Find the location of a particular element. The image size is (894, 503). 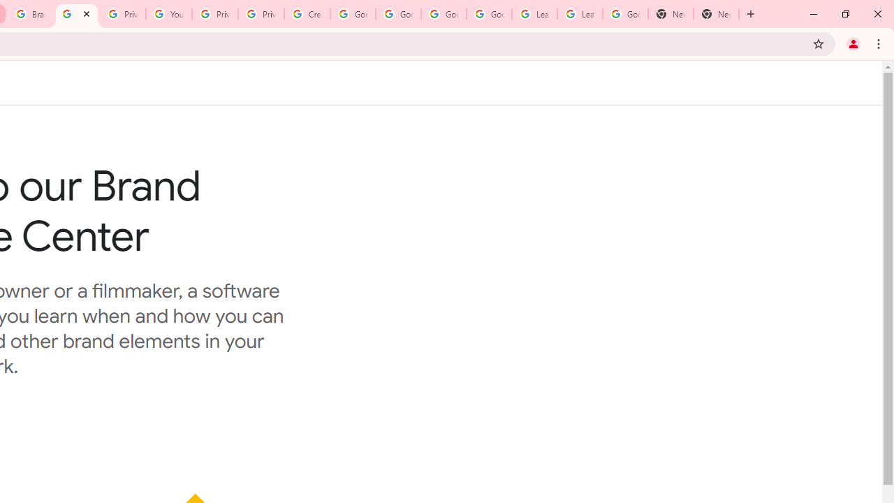

'Google Account' is located at coordinates (624, 14).